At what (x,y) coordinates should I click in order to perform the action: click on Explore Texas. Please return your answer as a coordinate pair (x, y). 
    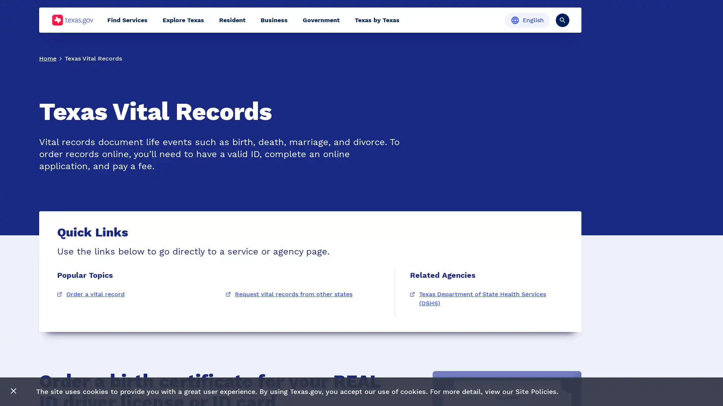
    Looking at the image, I should click on (183, 20).